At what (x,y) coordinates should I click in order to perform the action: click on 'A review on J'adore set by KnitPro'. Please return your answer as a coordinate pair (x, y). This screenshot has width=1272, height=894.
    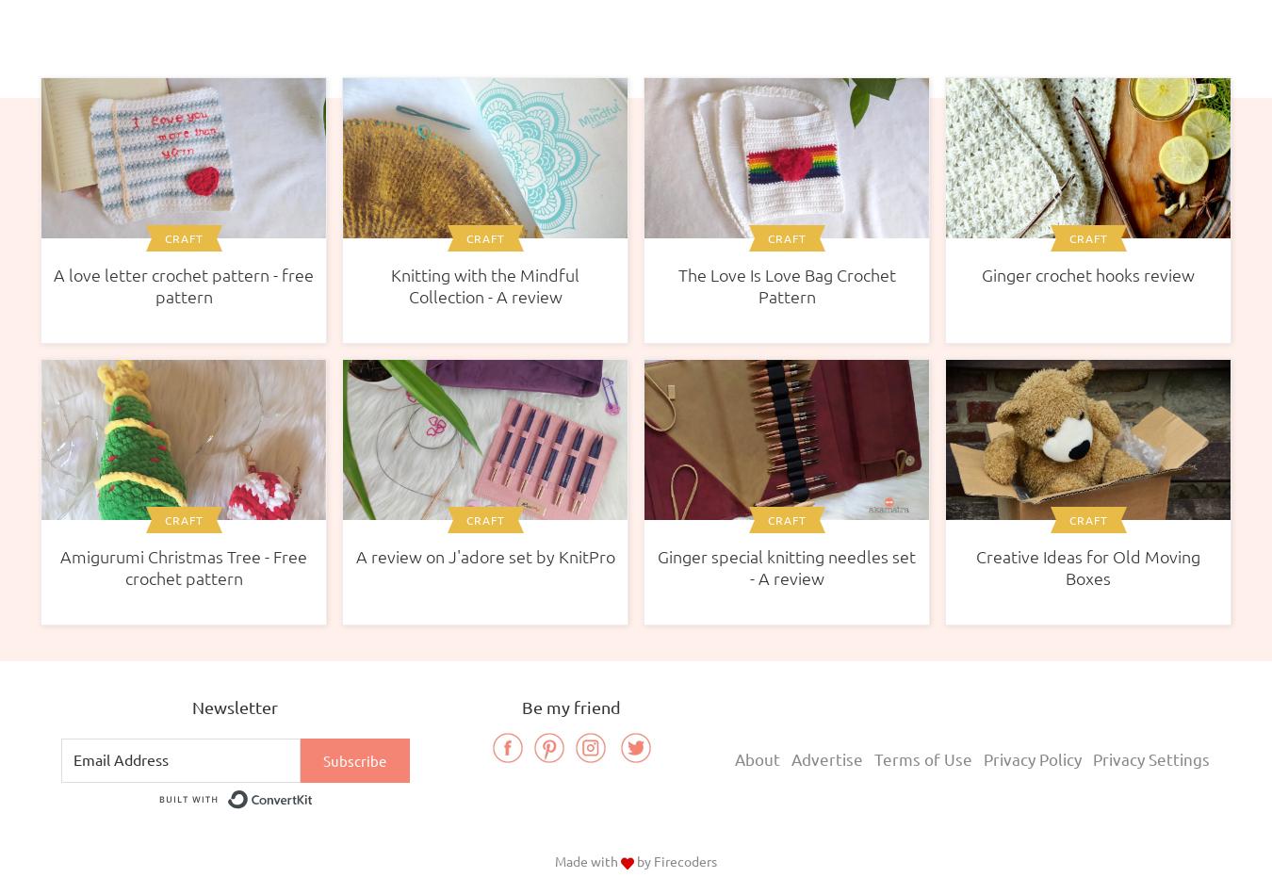
    Looking at the image, I should click on (483, 555).